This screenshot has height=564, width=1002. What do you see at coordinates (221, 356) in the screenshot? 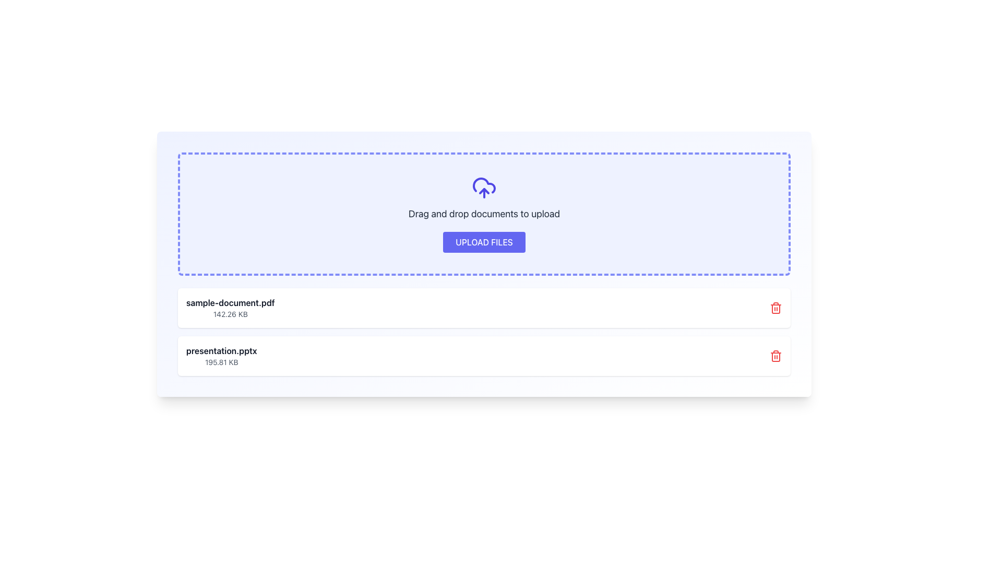
I see `the Text Display Block displaying the name and size of the file, which is the second item in the list of files below 'sample-document.pdf'` at bounding box center [221, 356].